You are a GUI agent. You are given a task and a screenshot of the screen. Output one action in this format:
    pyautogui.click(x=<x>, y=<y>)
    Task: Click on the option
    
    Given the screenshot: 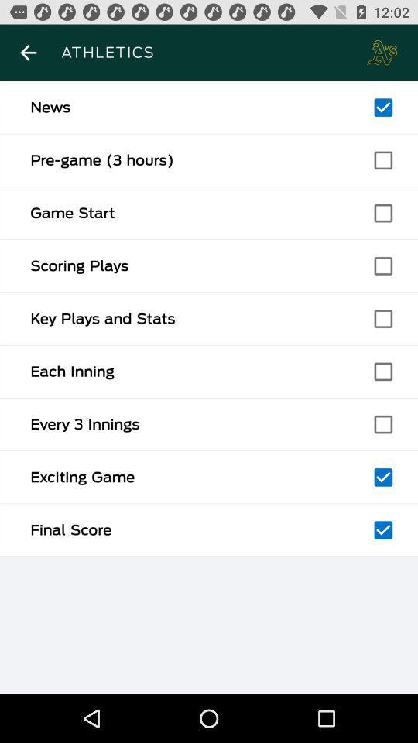 What is the action you would take?
    pyautogui.click(x=382, y=160)
    